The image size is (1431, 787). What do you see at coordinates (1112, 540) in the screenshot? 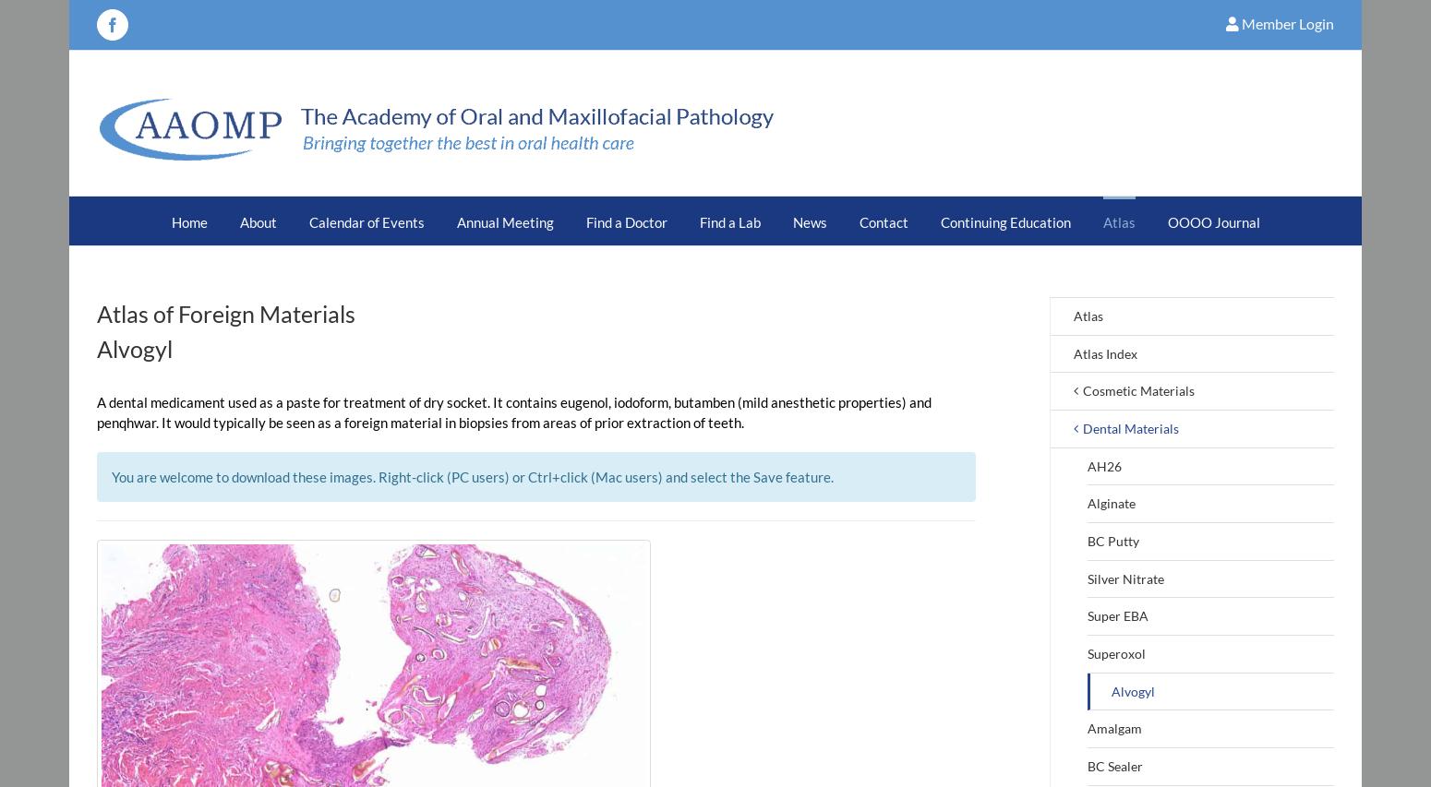
I see `'BC Putty'` at bounding box center [1112, 540].